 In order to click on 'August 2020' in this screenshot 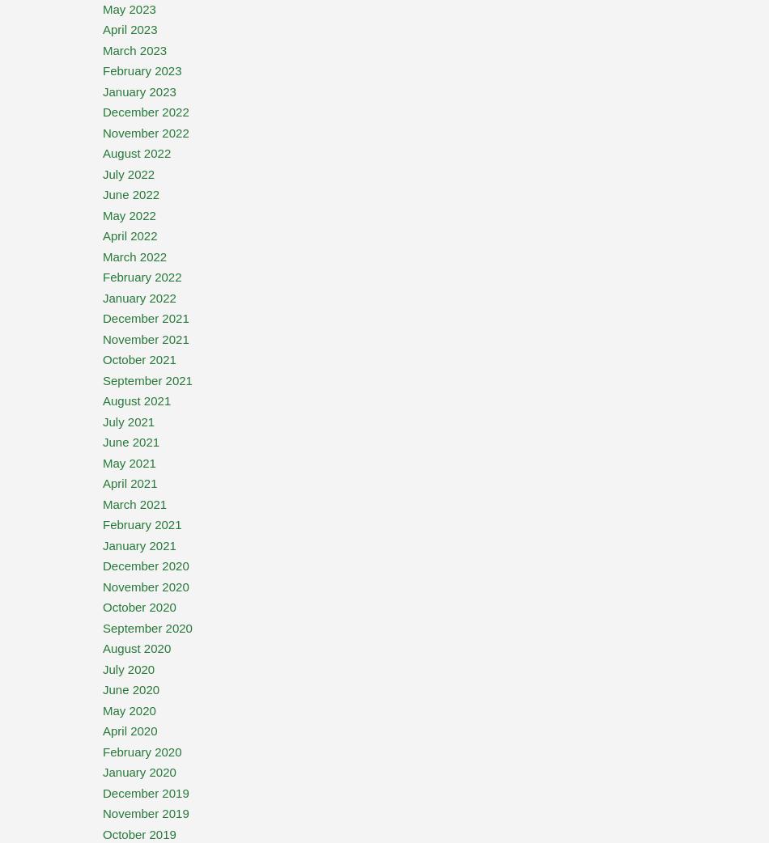, I will do `click(103, 648)`.